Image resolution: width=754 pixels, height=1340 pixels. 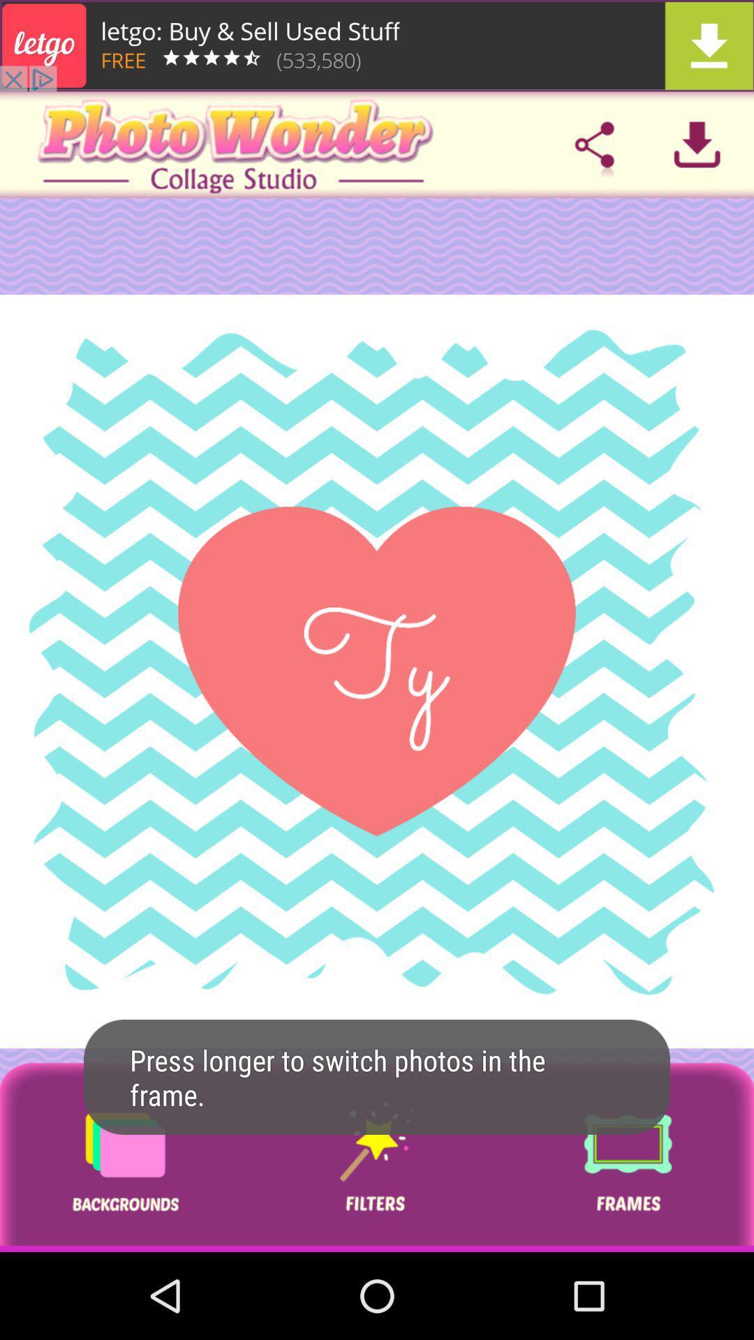 What do you see at coordinates (377, 45) in the screenshot?
I see `advertisement site for letgo` at bounding box center [377, 45].